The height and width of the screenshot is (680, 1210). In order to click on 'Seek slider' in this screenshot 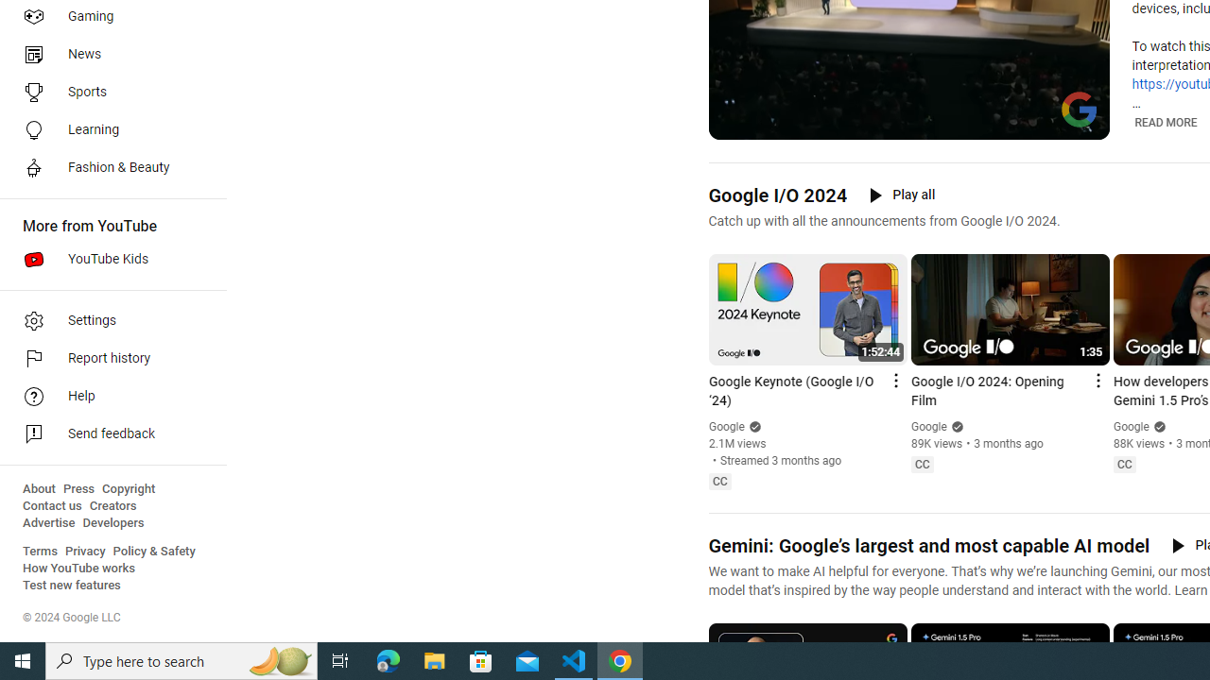, I will do `click(908, 103)`.